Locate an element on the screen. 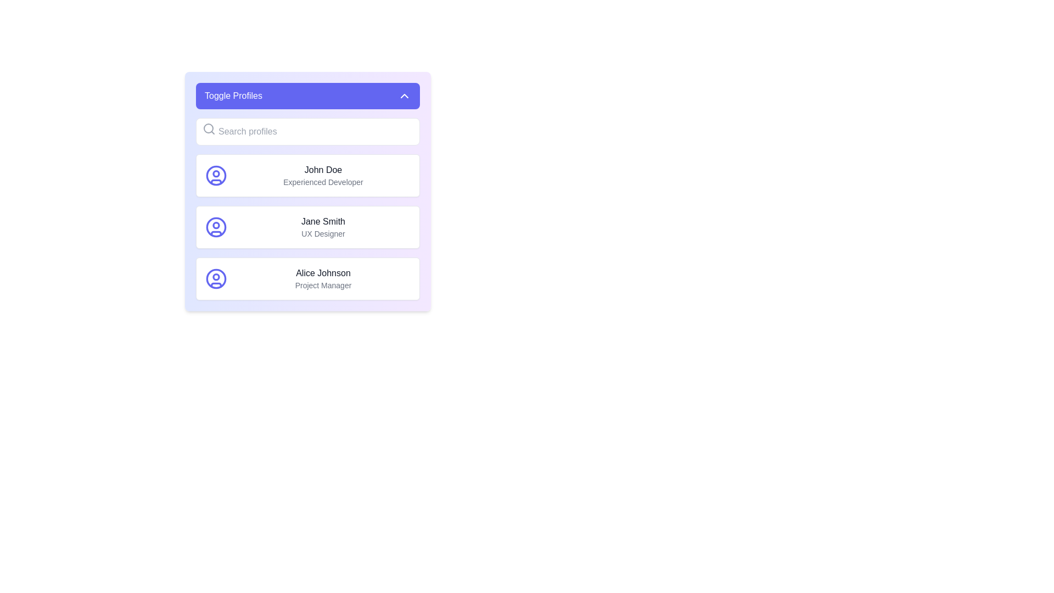 The height and width of the screenshot is (593, 1054). the magnifying glass icon representing the search function, which is located inside the text input field labeled 'Search profiles' is located at coordinates (209, 128).